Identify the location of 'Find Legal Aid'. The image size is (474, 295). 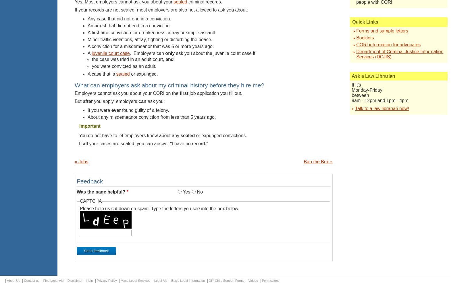
(53, 280).